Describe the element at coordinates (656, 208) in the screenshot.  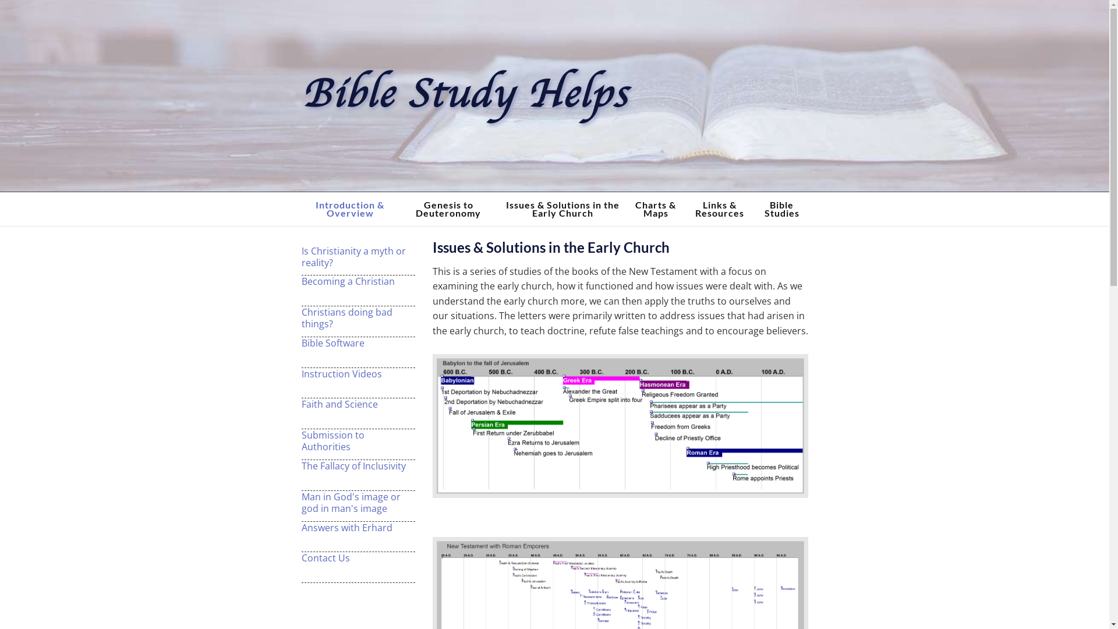
I see `'Charts & Maps'` at that location.